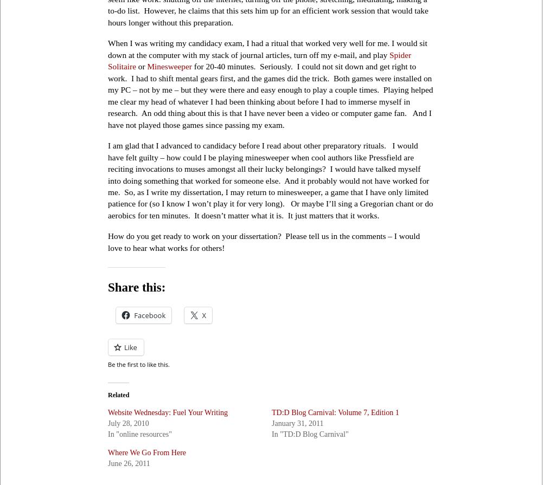 The height and width of the screenshot is (485, 543). What do you see at coordinates (264, 241) in the screenshot?
I see `'How do you get ready to work on your dissertation?  Please tell us in the comments – I would love to hear what works for others!'` at bounding box center [264, 241].